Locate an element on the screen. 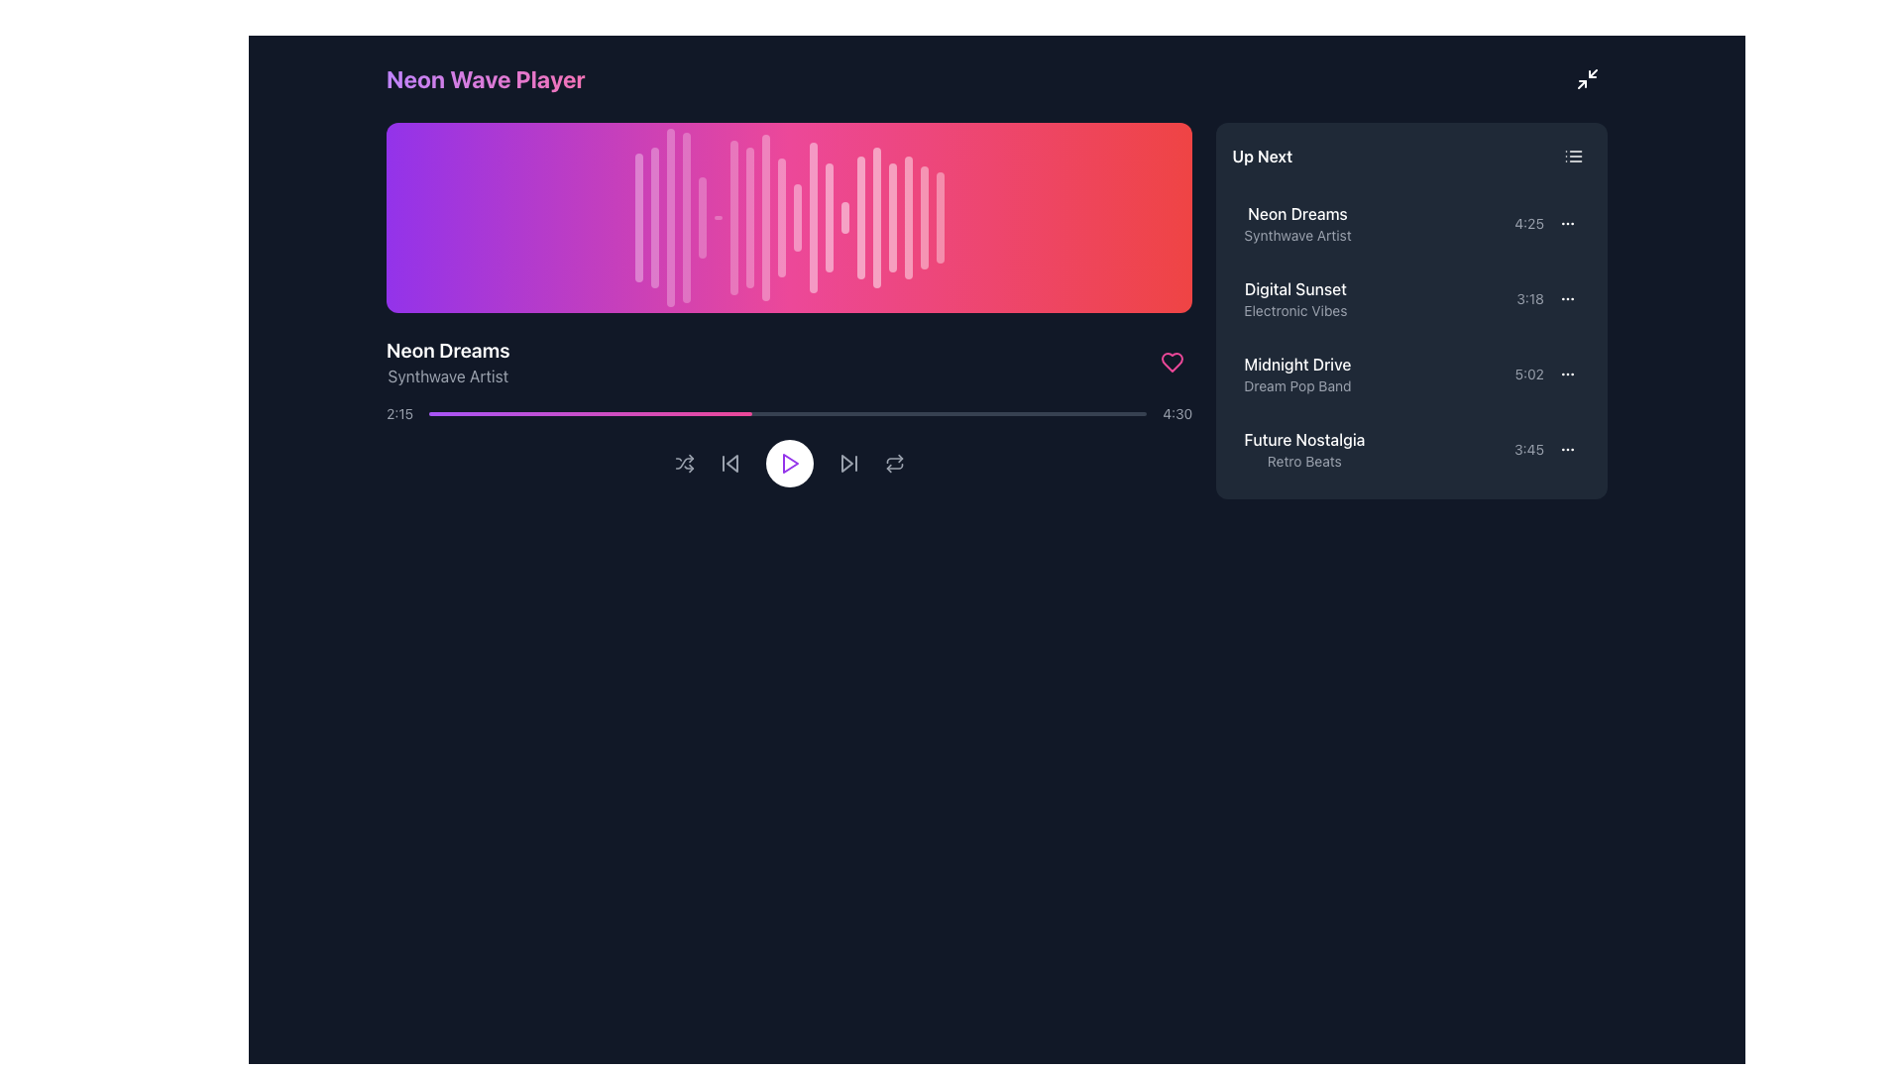  the minimize/resize button located at the top-right corner of the interface, aligned with the heading 'Neon Wave Player' is located at coordinates (1588, 78).